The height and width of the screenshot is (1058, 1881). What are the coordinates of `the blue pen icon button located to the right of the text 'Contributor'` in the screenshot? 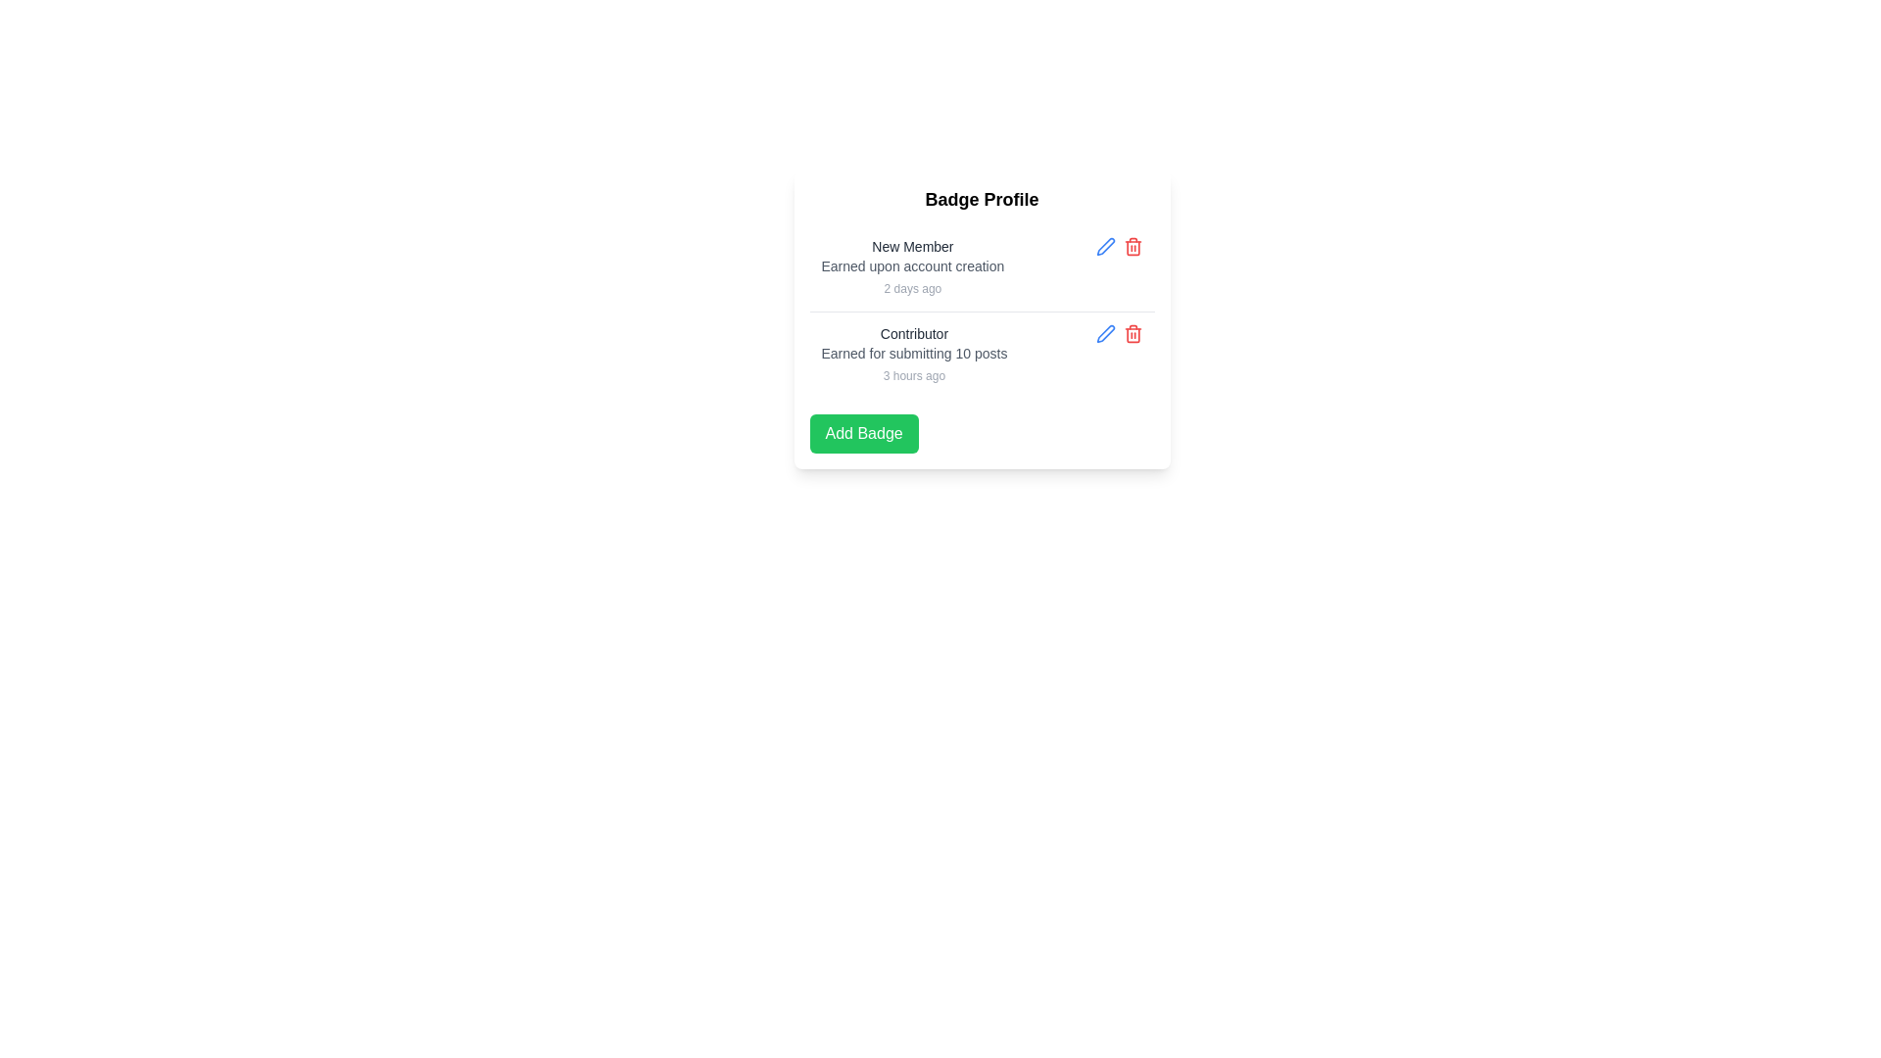 It's located at (1105, 245).